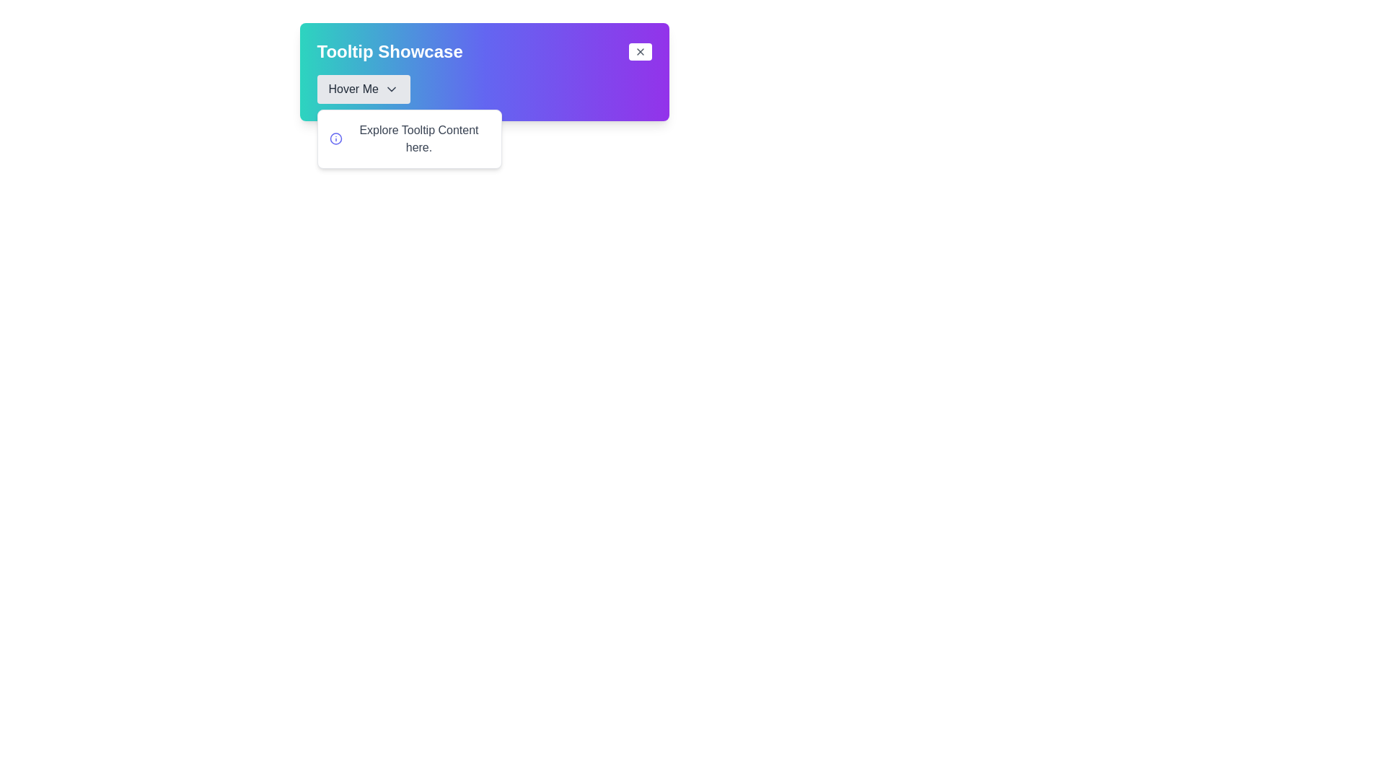 Image resolution: width=1385 pixels, height=779 pixels. I want to click on the 'Hover Me' button, so click(364, 89).